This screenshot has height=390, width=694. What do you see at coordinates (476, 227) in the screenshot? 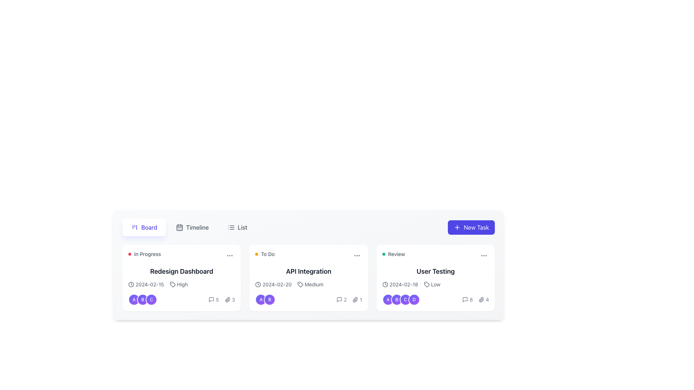
I see `the text label indicating the button that creates a new task, located on the right-most side of the interface` at bounding box center [476, 227].